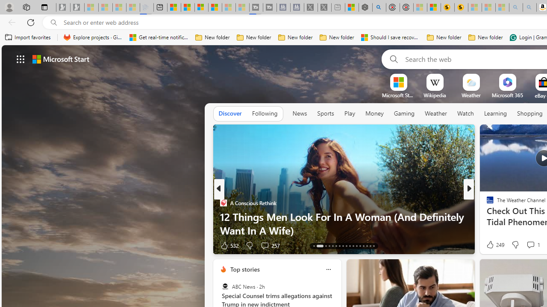 Image resolution: width=547 pixels, height=307 pixels. What do you see at coordinates (373, 246) in the screenshot?
I see `'AutomationID: tab-29'` at bounding box center [373, 246].